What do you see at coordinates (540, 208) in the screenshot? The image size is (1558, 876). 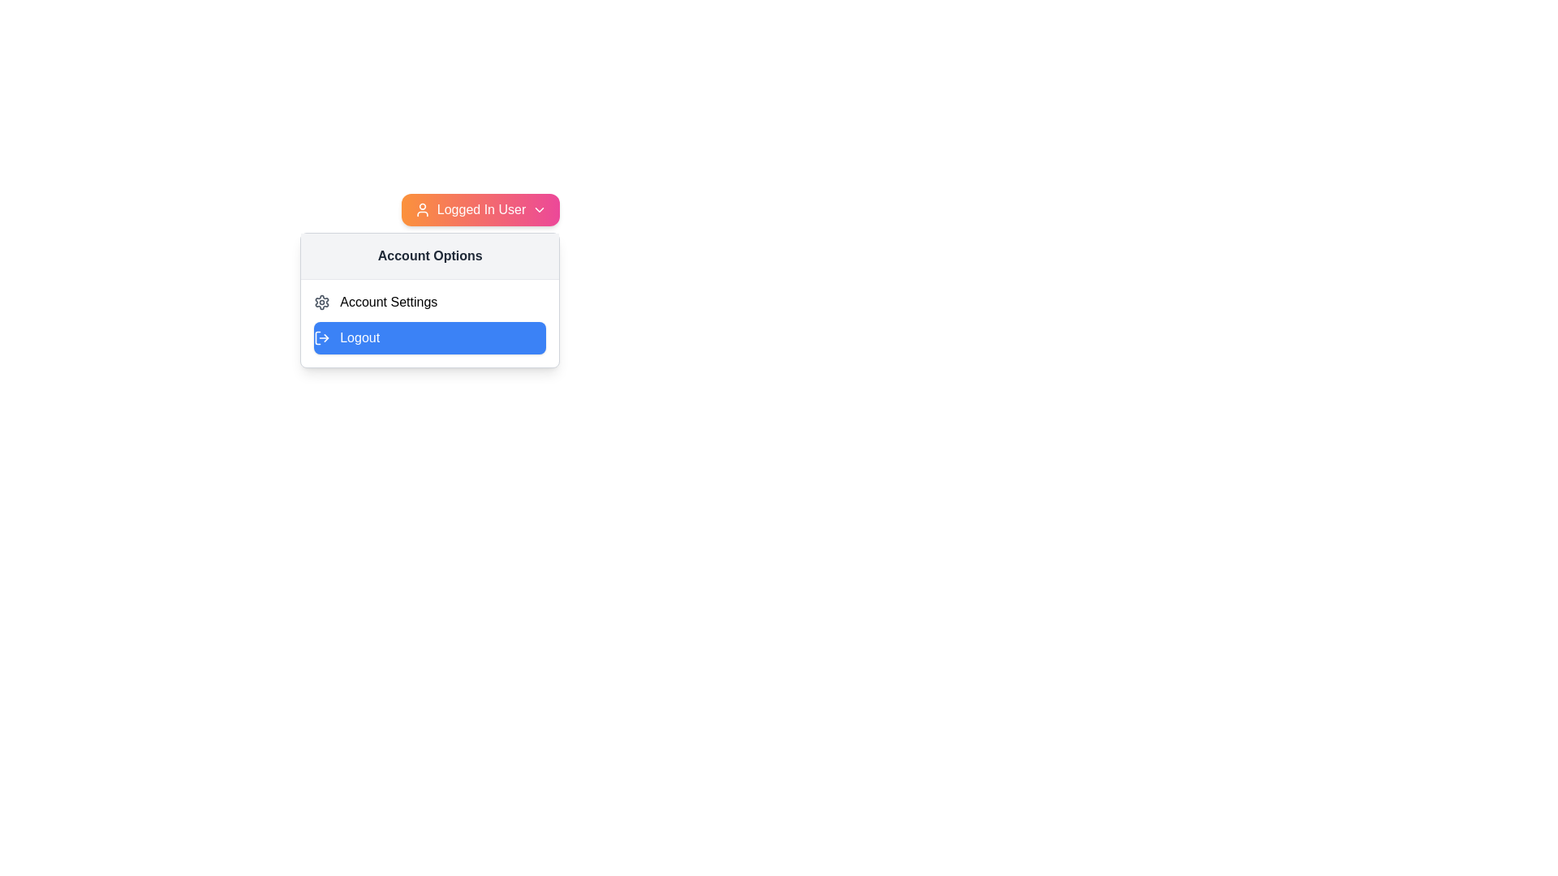 I see `the Dropdown Indicator Icon associated with the 'Logged In User' button` at bounding box center [540, 208].